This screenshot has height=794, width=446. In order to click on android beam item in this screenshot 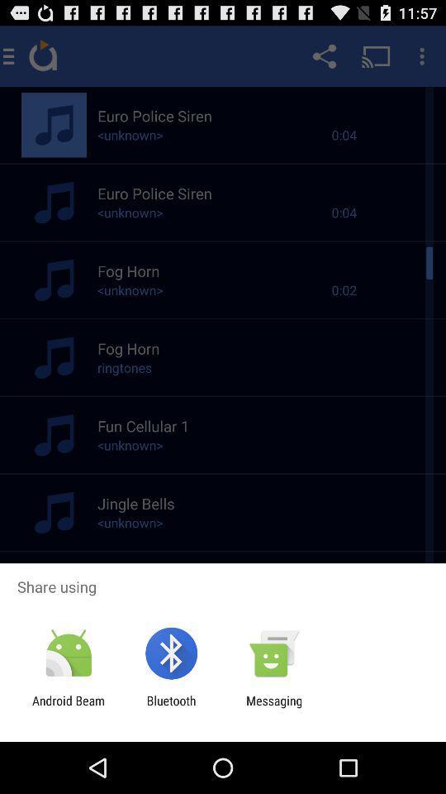, I will do `click(68, 707)`.